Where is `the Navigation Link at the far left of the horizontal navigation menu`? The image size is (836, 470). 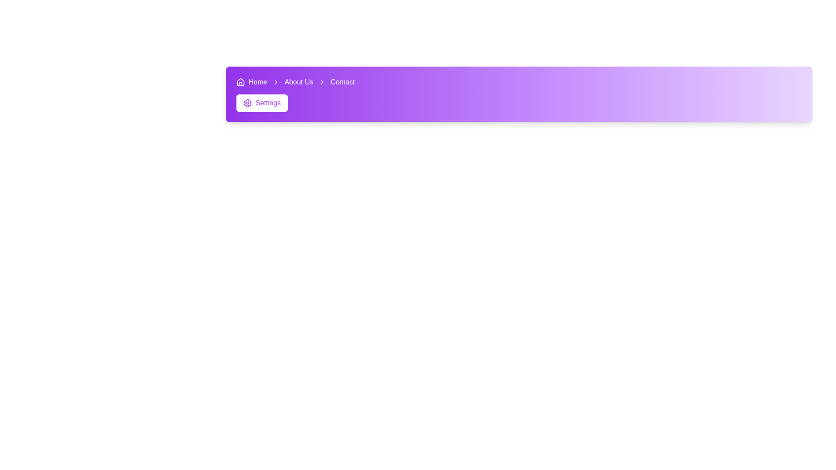 the Navigation Link at the far left of the horizontal navigation menu is located at coordinates (251, 82).